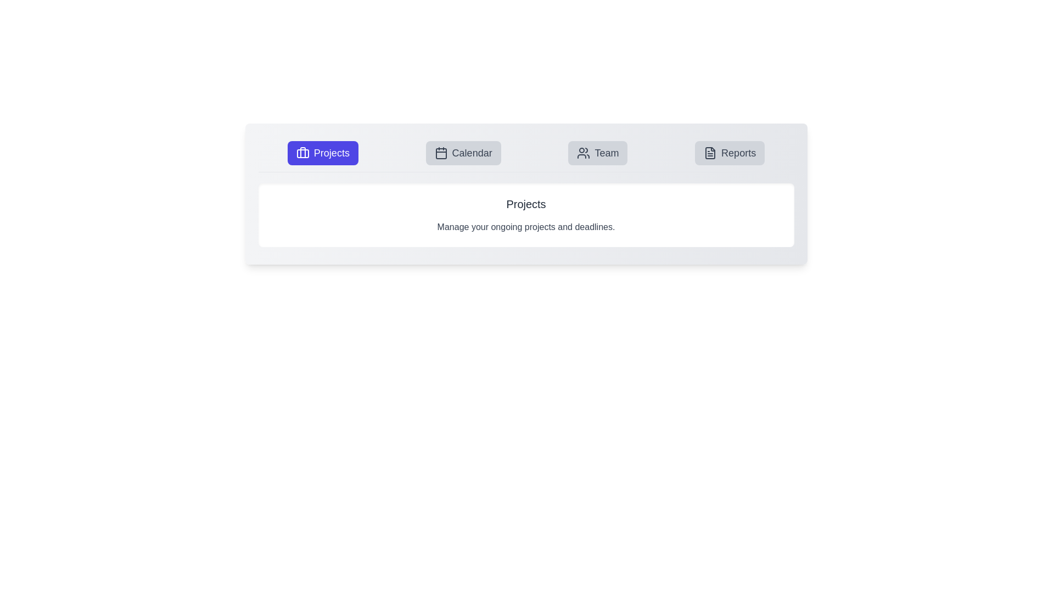  What do you see at coordinates (730, 153) in the screenshot?
I see `the Reports tab by clicking its button` at bounding box center [730, 153].